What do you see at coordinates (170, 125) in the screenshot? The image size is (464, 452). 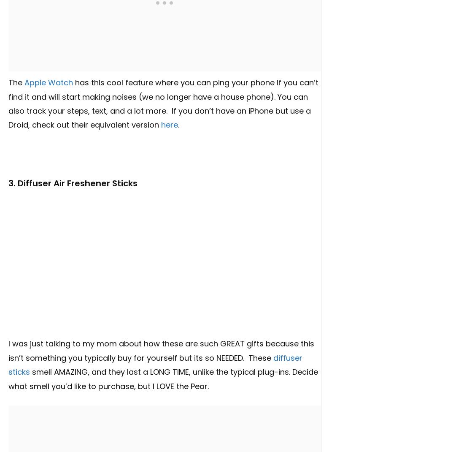 I see `'here'` at bounding box center [170, 125].